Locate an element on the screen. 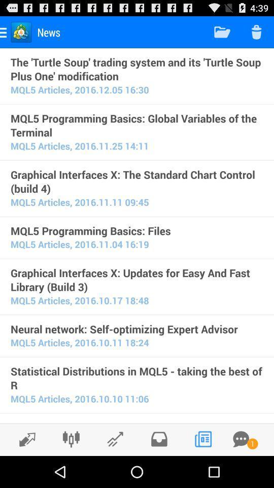  the chat icon is located at coordinates (241, 470).